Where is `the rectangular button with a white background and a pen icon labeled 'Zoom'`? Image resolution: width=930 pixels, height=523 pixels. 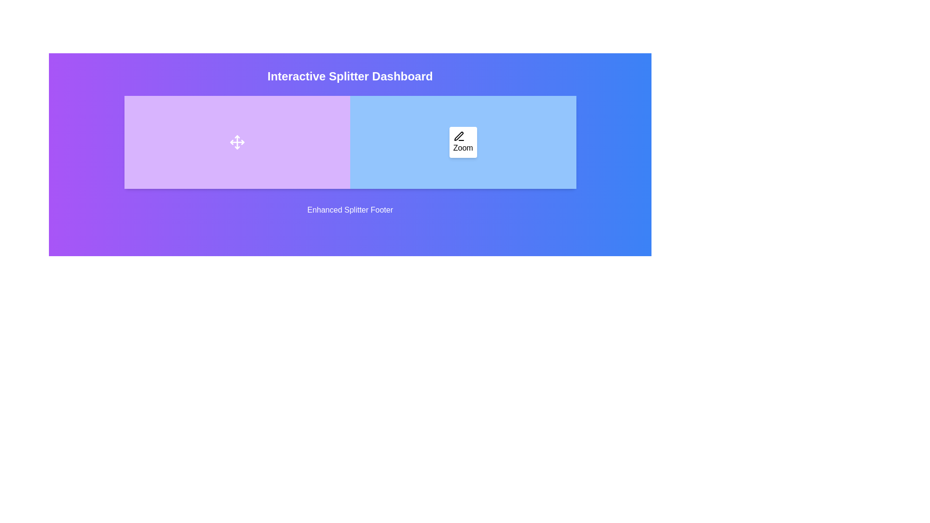
the rectangular button with a white background and a pen icon labeled 'Zoom' is located at coordinates (463, 142).